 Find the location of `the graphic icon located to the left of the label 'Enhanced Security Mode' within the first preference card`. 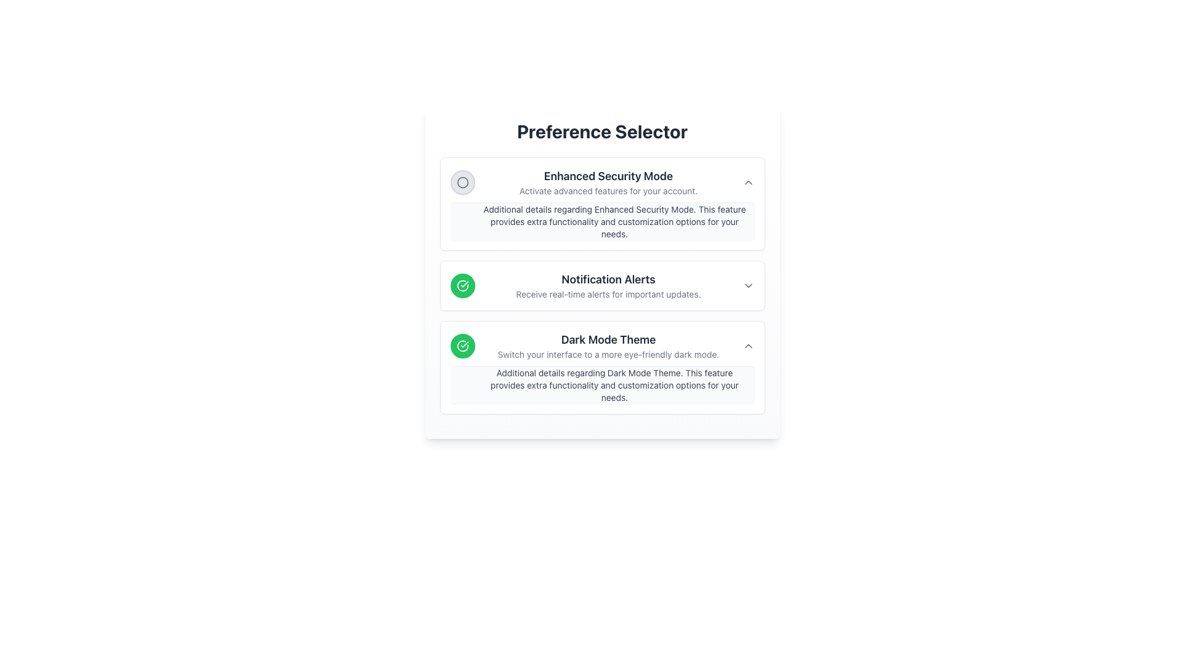

the graphic icon located to the left of the label 'Enhanced Security Mode' within the first preference card is located at coordinates (462, 183).